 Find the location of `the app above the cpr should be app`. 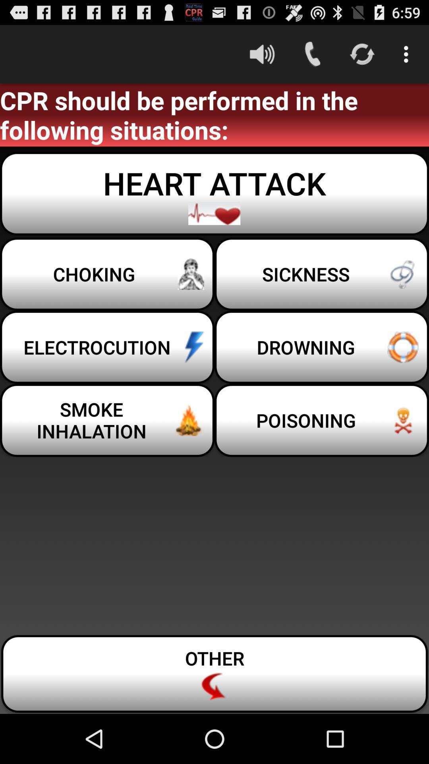

the app above the cpr should be app is located at coordinates (408, 54).